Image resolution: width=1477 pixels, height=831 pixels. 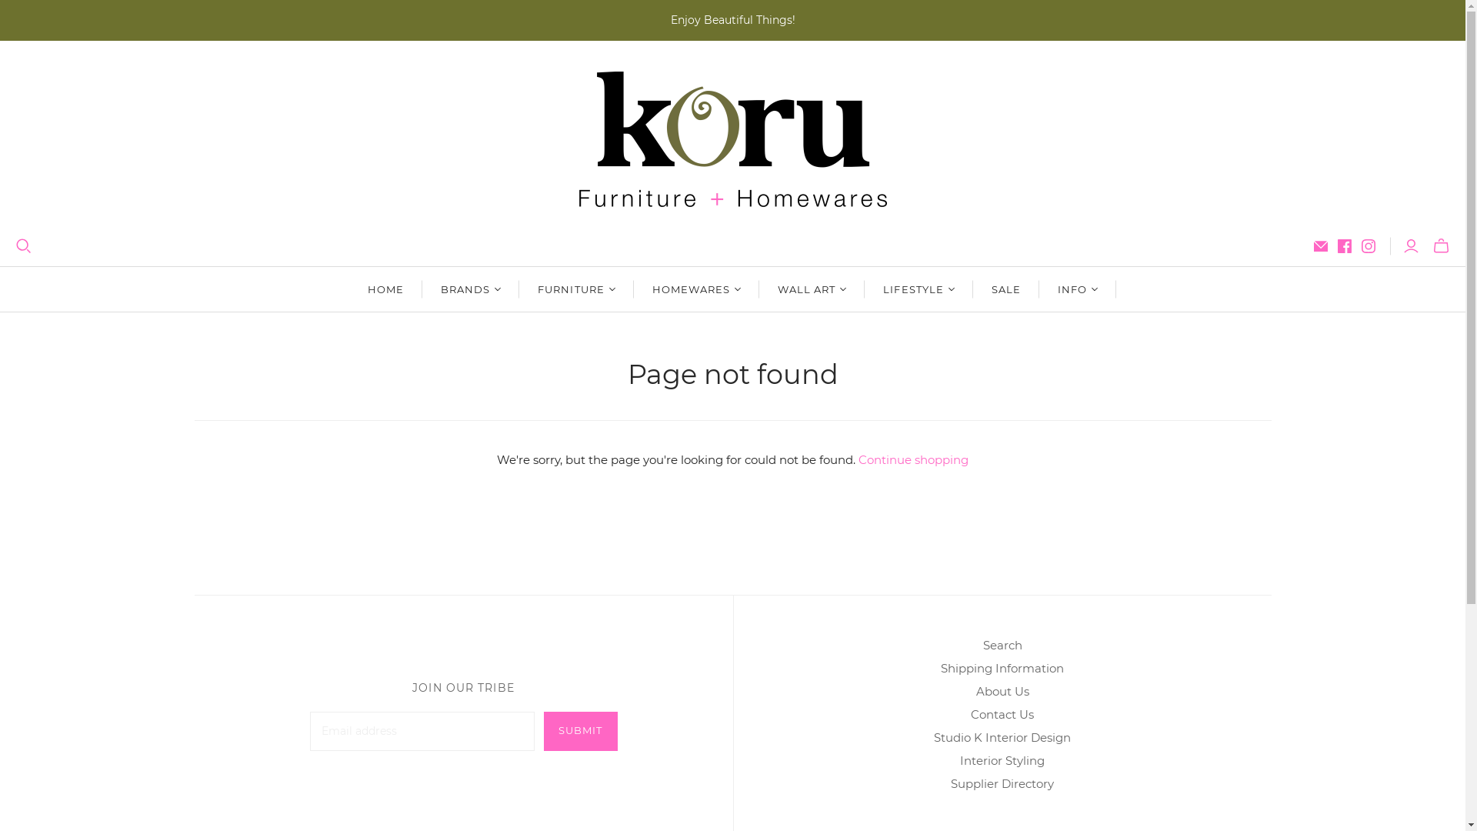 I want to click on 'Continue shopping', so click(x=858, y=459).